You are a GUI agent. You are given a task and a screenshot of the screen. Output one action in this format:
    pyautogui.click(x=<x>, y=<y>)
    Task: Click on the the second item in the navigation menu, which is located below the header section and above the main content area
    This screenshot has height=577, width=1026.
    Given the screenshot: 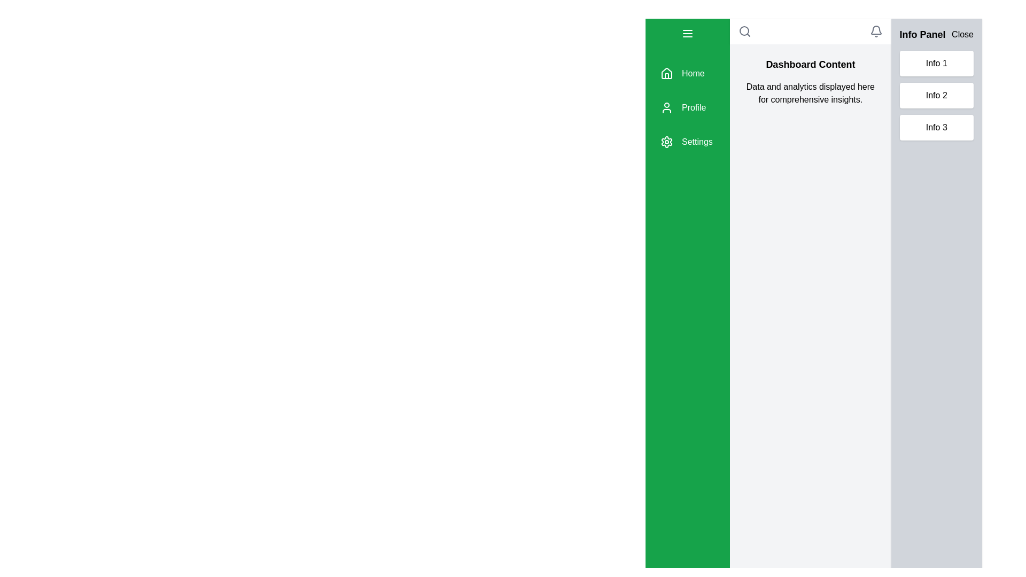 What is the action you would take?
    pyautogui.click(x=688, y=107)
    